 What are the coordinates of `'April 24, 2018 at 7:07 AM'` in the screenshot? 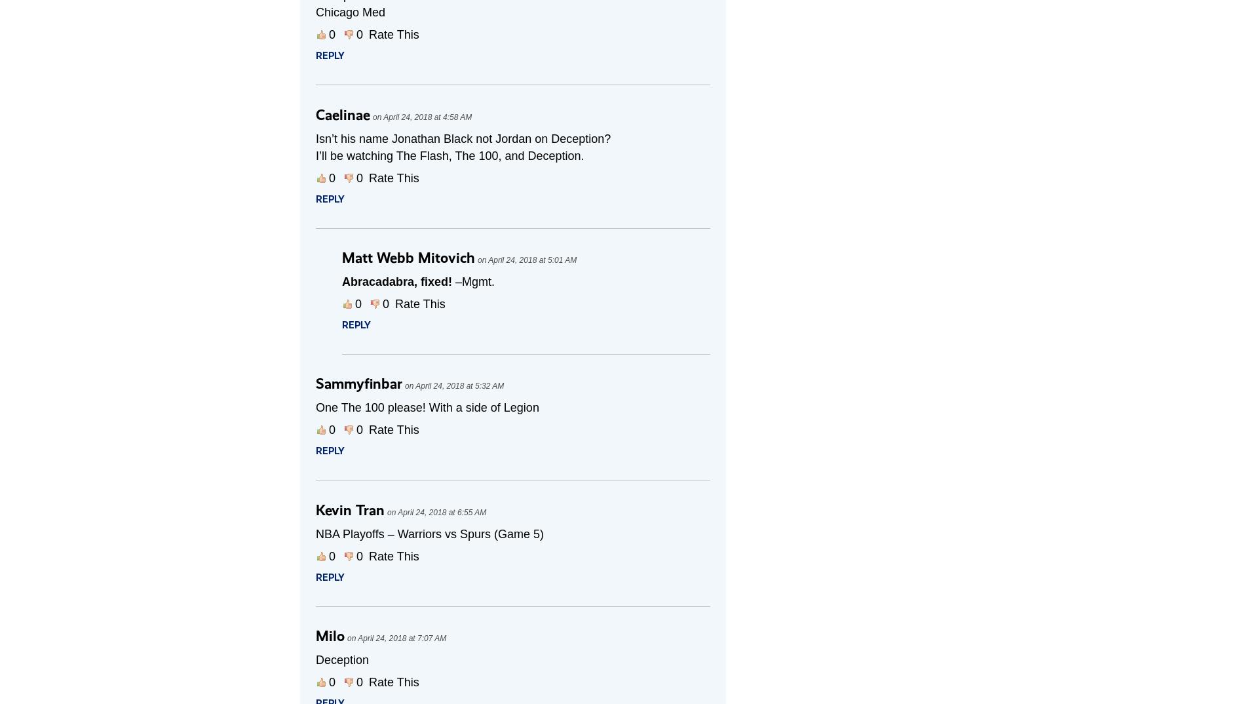 It's located at (402, 638).